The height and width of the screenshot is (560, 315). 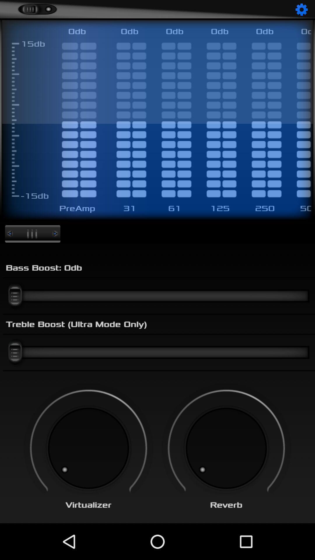 I want to click on reverb, so click(x=226, y=448).